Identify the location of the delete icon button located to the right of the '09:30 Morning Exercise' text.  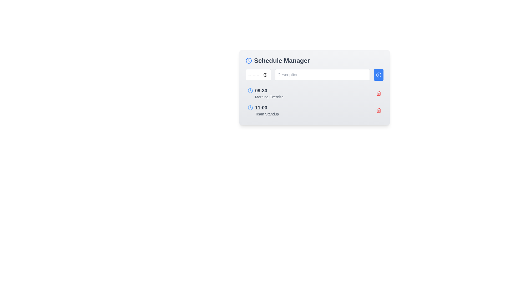
(379, 93).